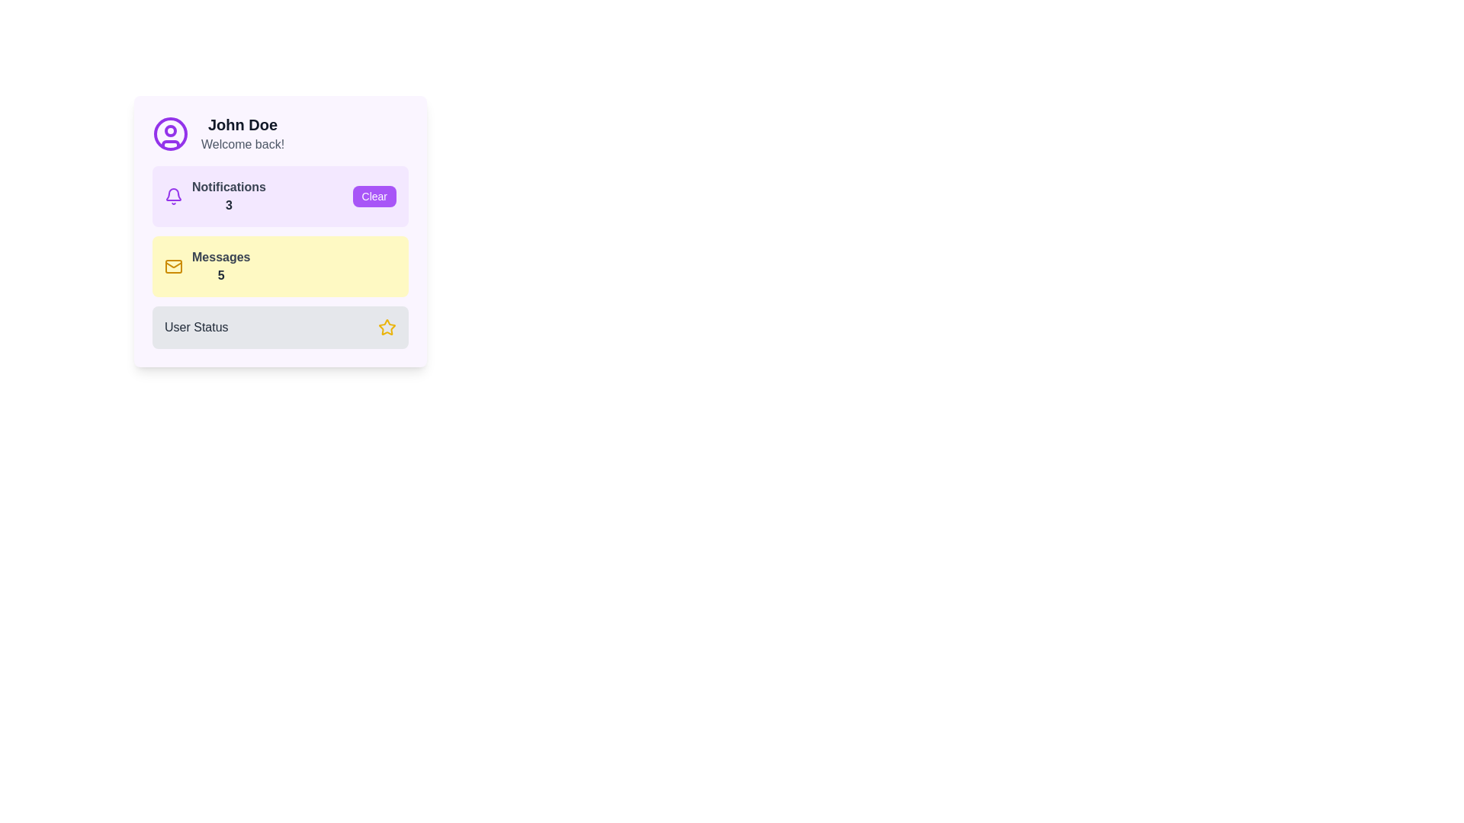 The width and height of the screenshot is (1464, 823). What do you see at coordinates (173, 264) in the screenshot?
I see `the decorative line forming the bottom edge of the envelope symbol, which is associated with email or messaging, located next to the 'Messages 5' label in a card-like section` at bounding box center [173, 264].